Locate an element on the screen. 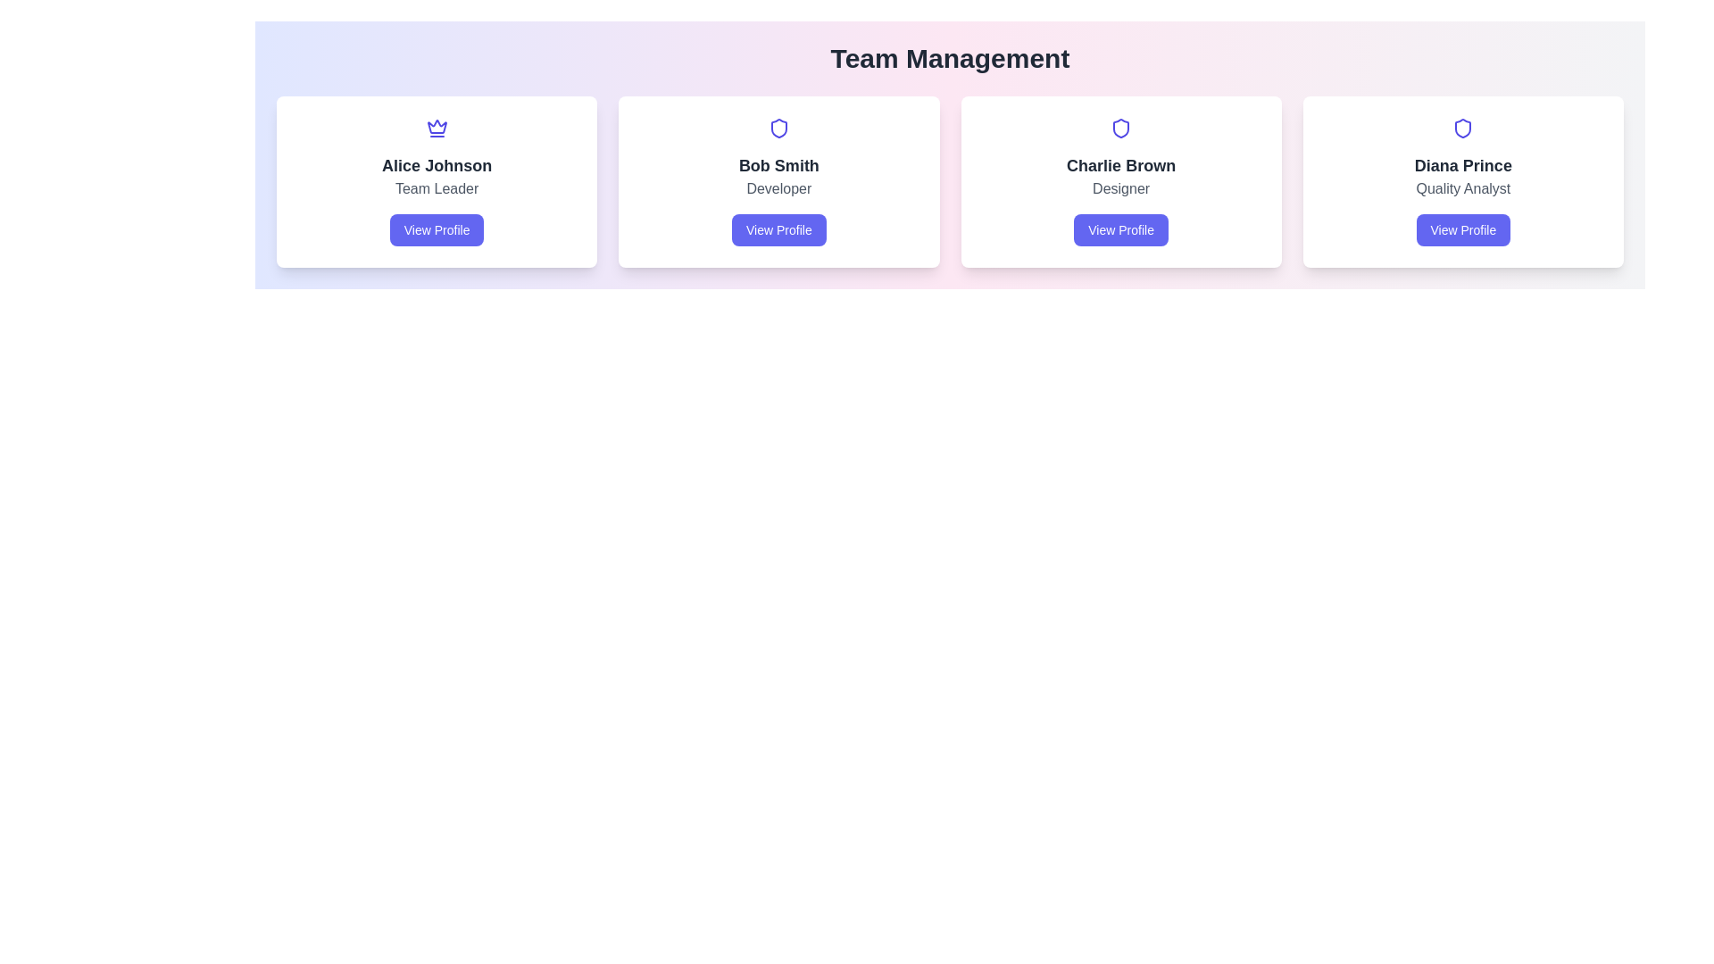  the crown icon with a purple outline situated above the text 'Alice Johnson' in the Team Management section is located at coordinates (437, 126).